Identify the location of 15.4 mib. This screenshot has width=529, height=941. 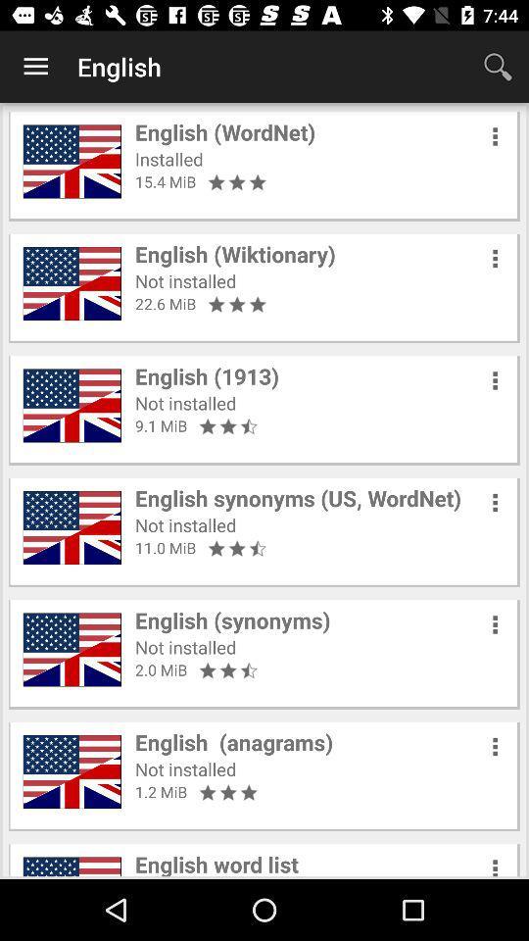
(165, 181).